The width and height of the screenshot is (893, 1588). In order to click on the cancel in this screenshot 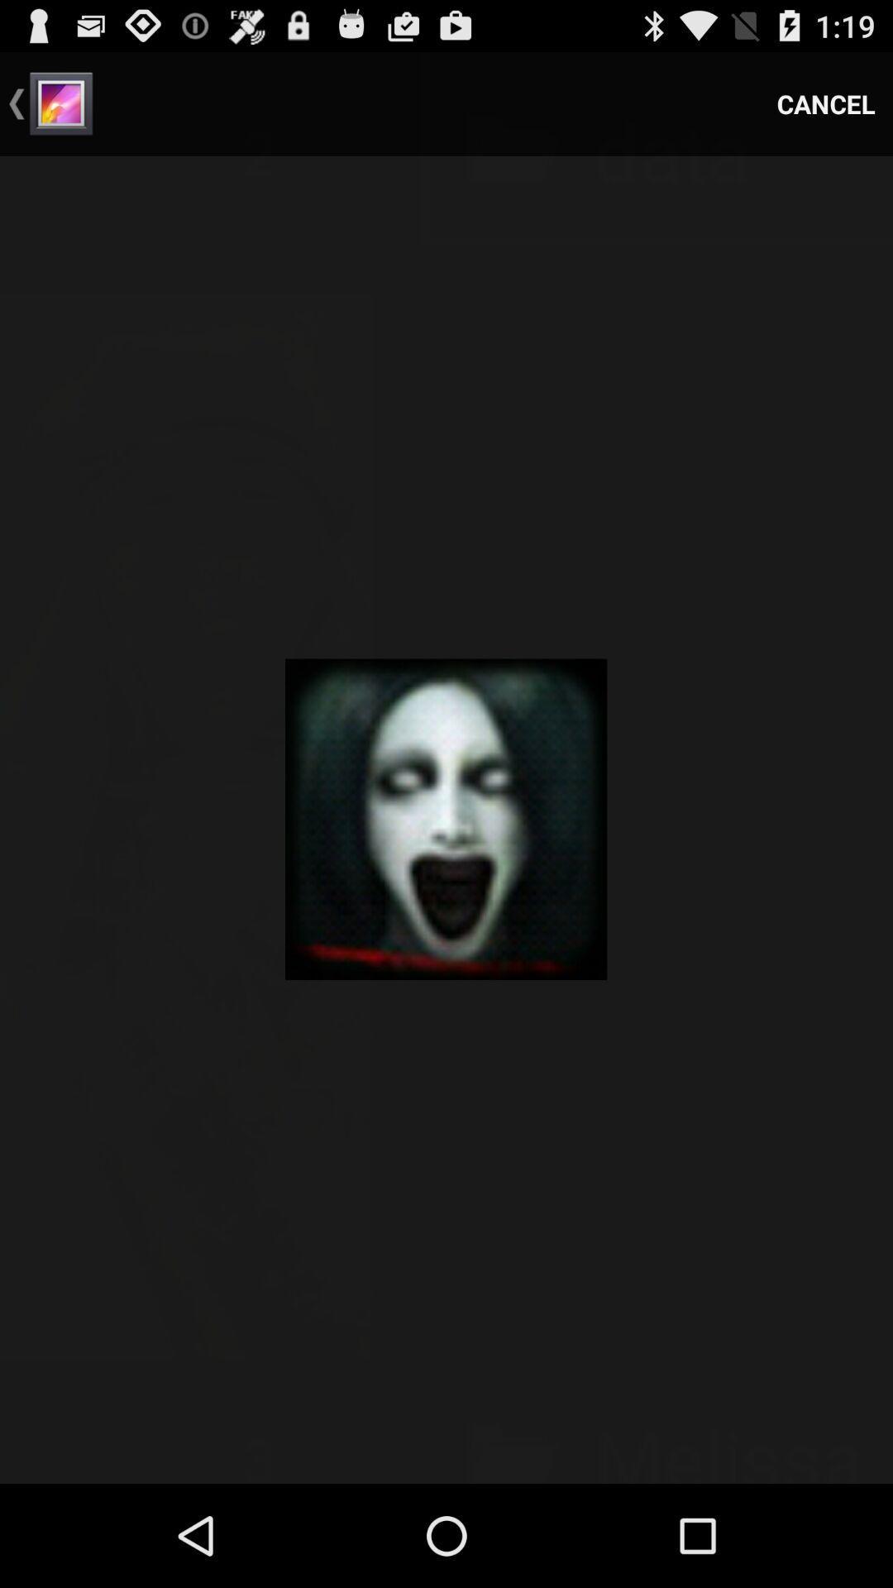, I will do `click(826, 103)`.